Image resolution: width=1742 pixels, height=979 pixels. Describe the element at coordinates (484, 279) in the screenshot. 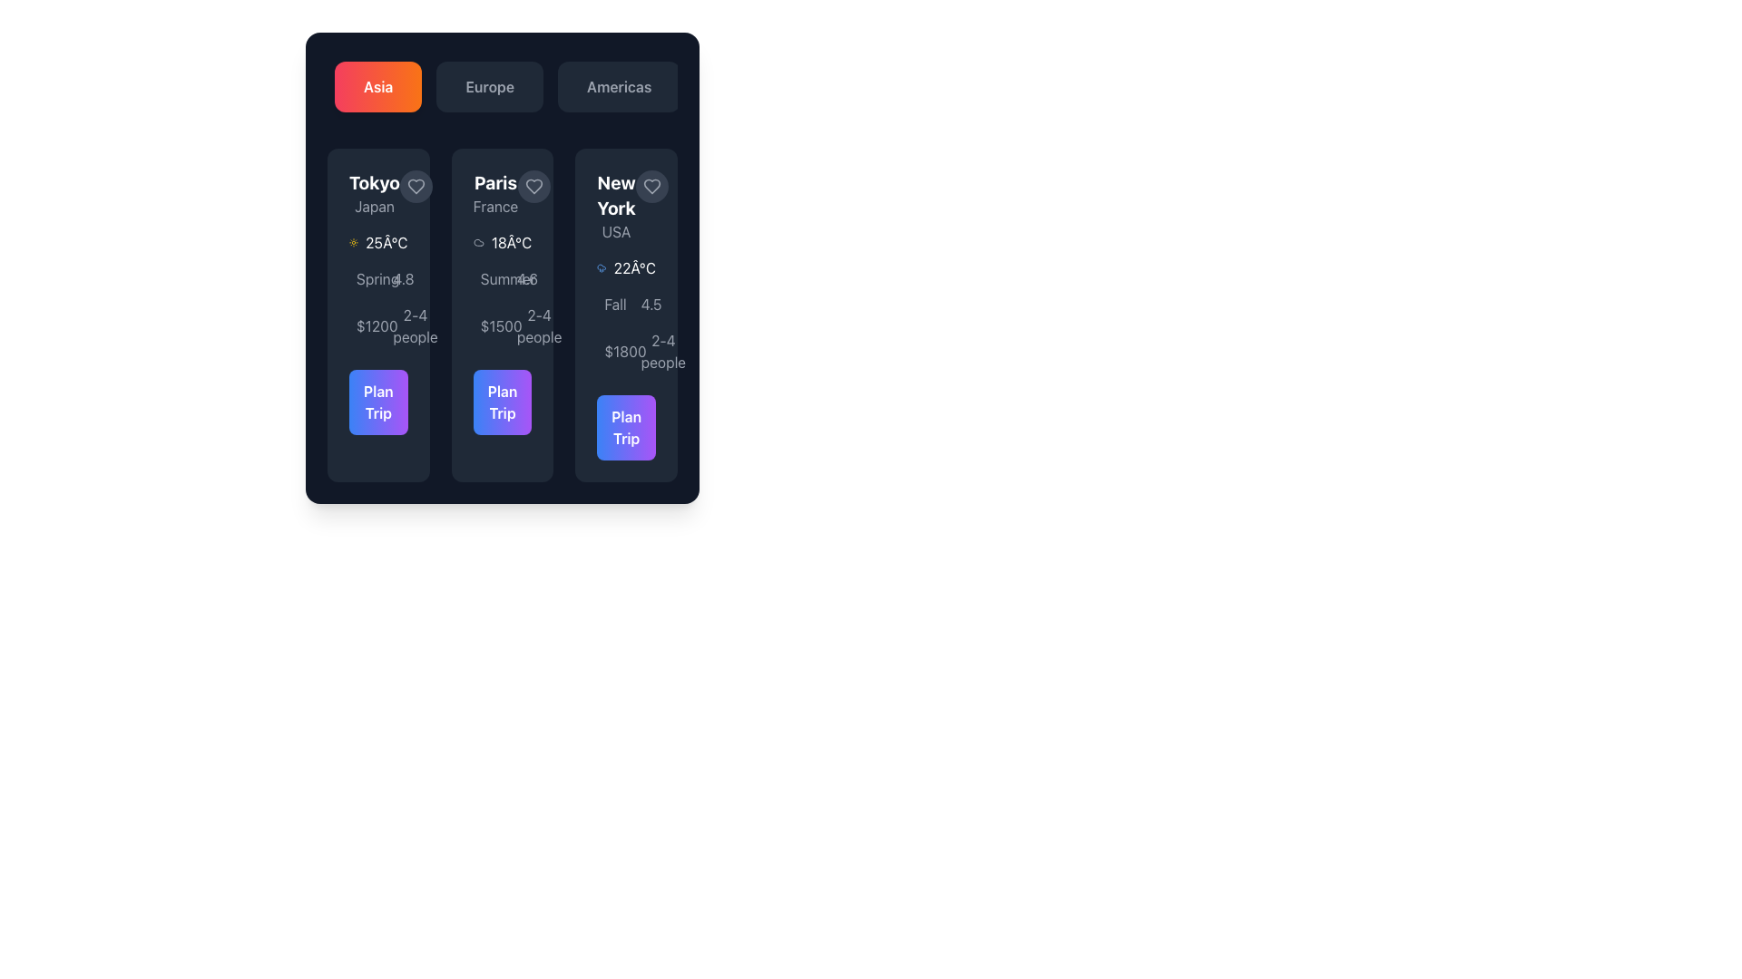

I see `the 'Summer' label with calendar icon located in the second card of the grid layout, positioned between the temperature and rating value` at that location.